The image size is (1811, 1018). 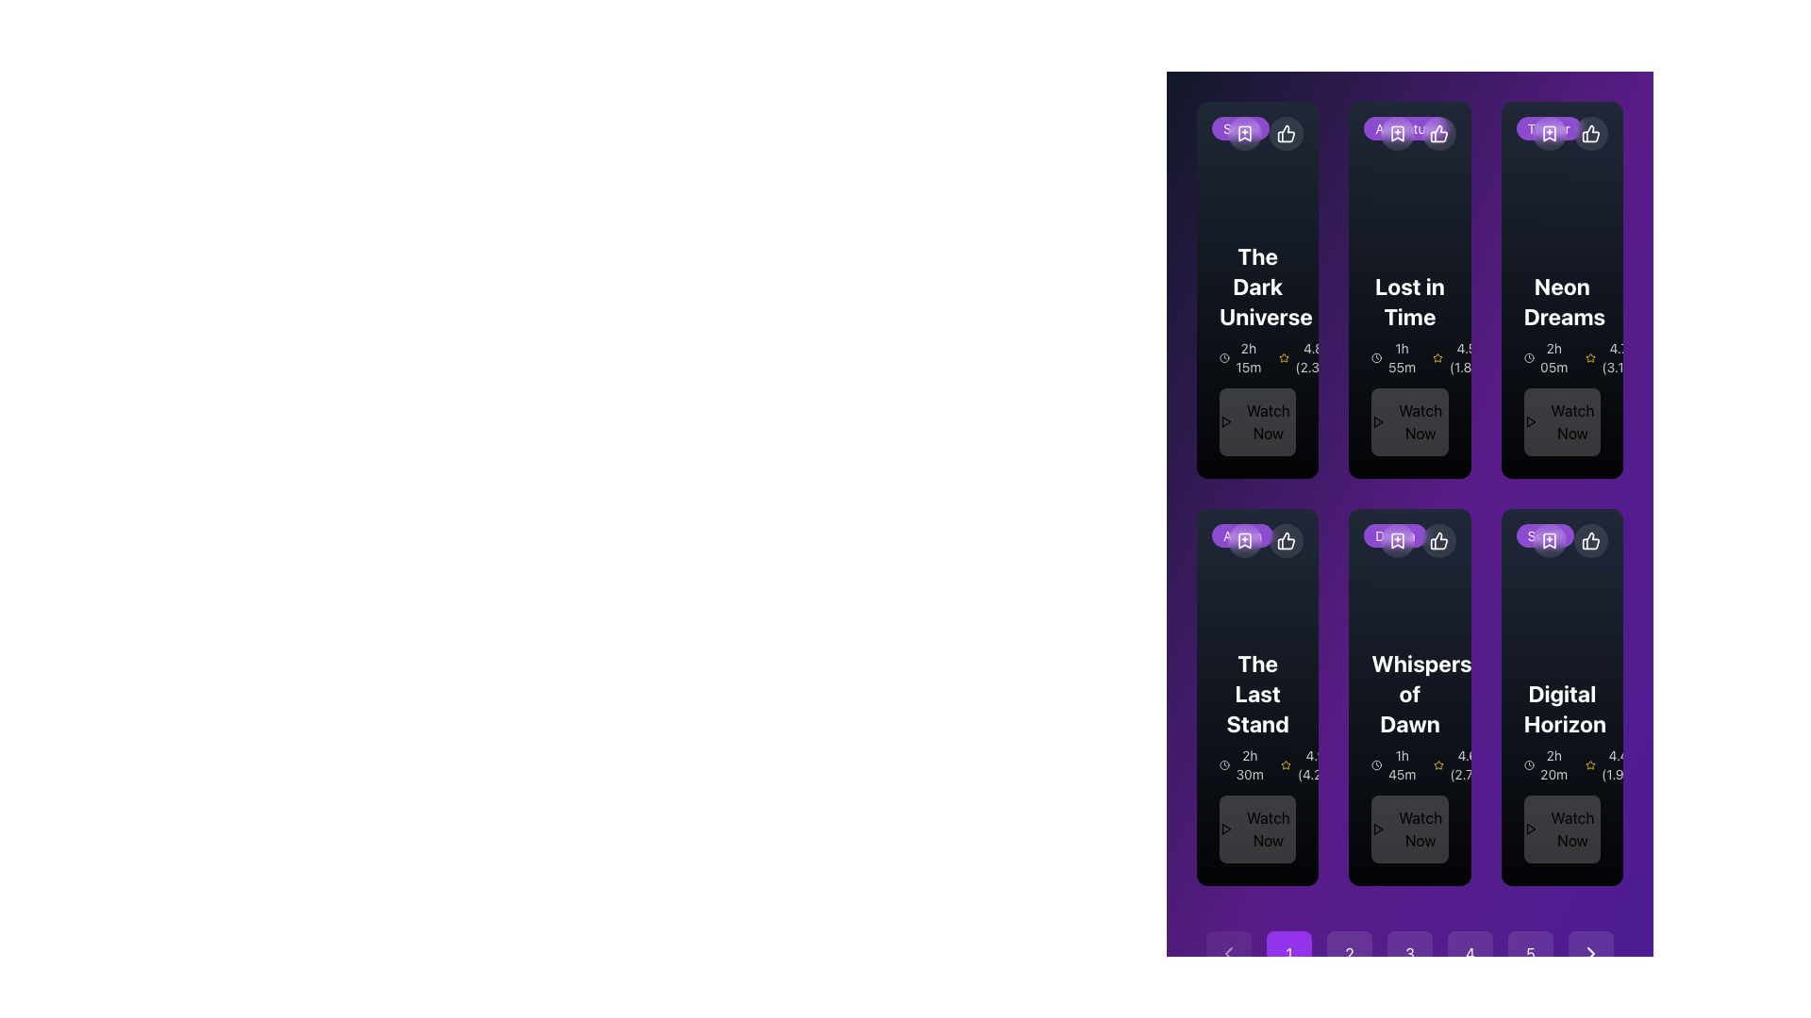 What do you see at coordinates (1570, 133) in the screenshot?
I see `the circular bookmark button located at the top-right corner of the 'Neon Dreams' movie card to bookmark the movie` at bounding box center [1570, 133].